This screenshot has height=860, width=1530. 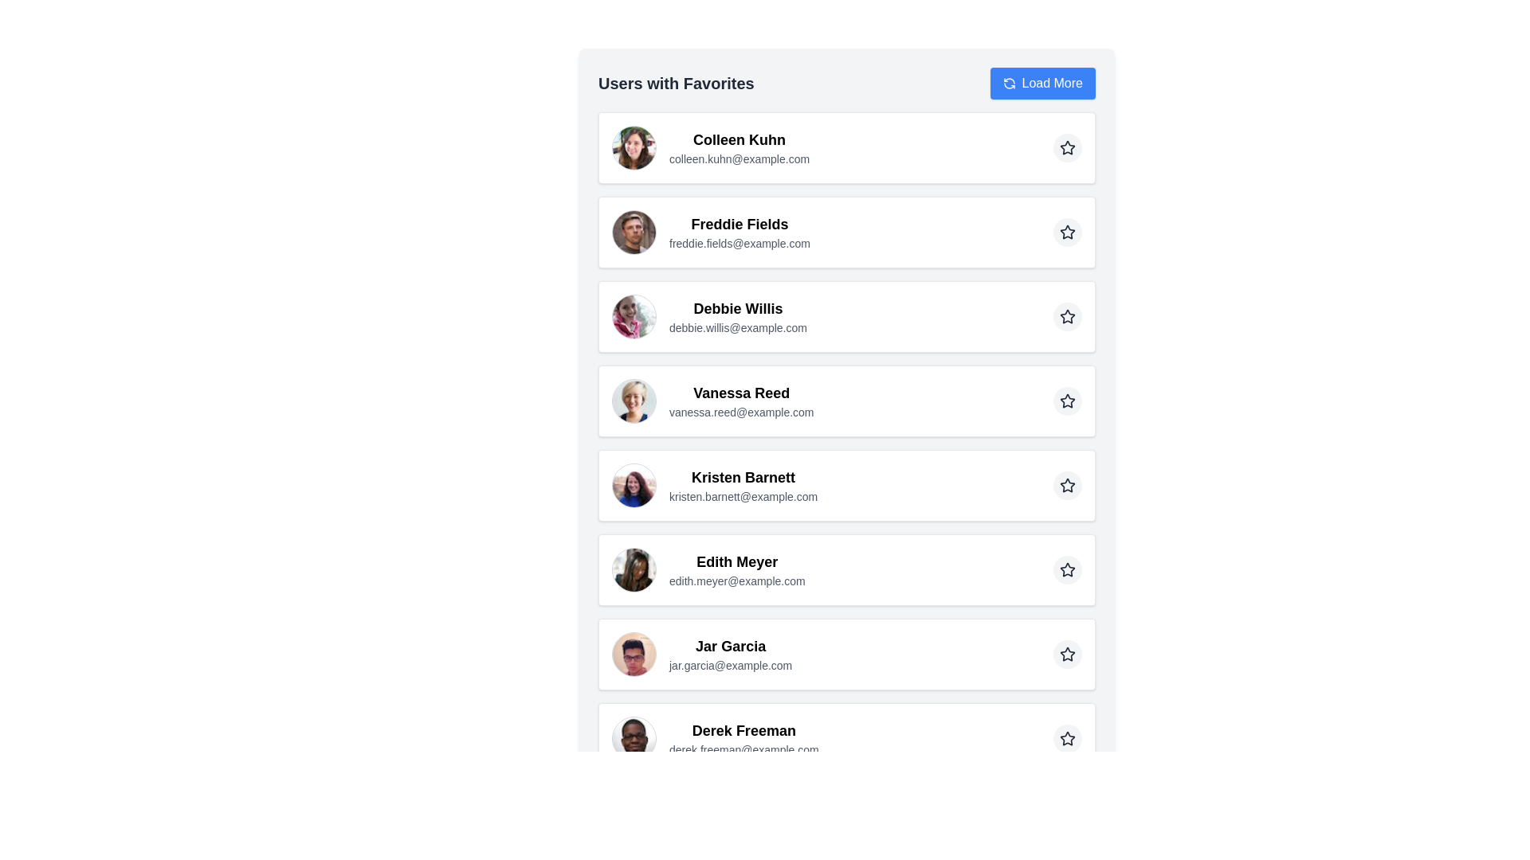 I want to click on the favorite button for user 'Jar Garcia', so click(x=1067, y=654).